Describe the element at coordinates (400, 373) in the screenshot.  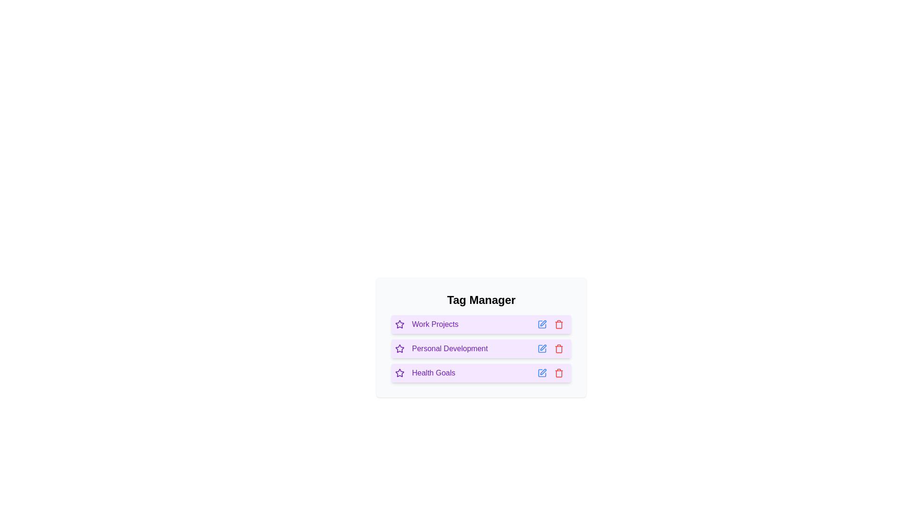
I see `the star icon next to the tag Health Goals` at that location.